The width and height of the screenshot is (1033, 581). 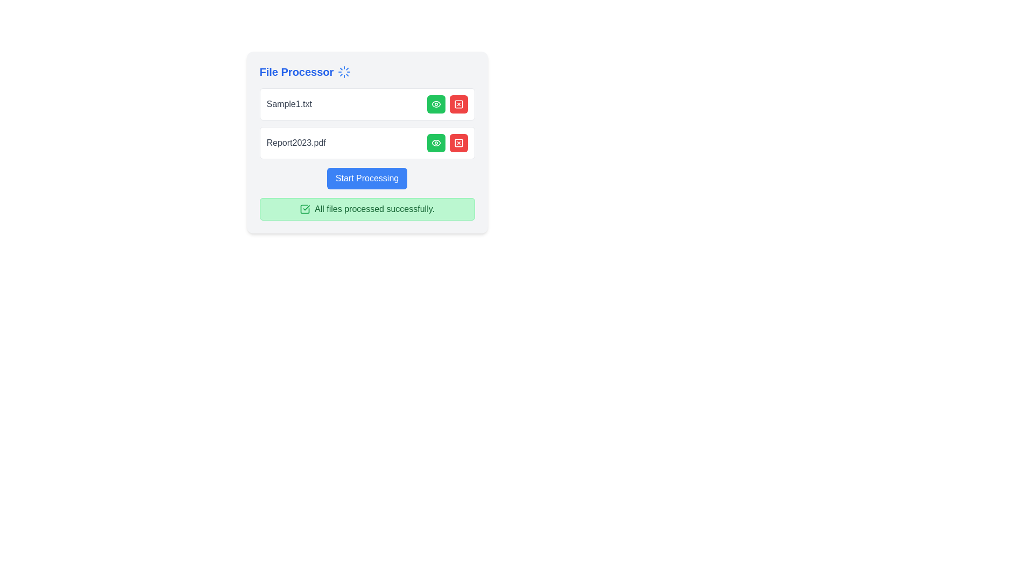 What do you see at coordinates (458, 143) in the screenshot?
I see `the red rounded rectangle Icon button located at the far right of a file entry line` at bounding box center [458, 143].